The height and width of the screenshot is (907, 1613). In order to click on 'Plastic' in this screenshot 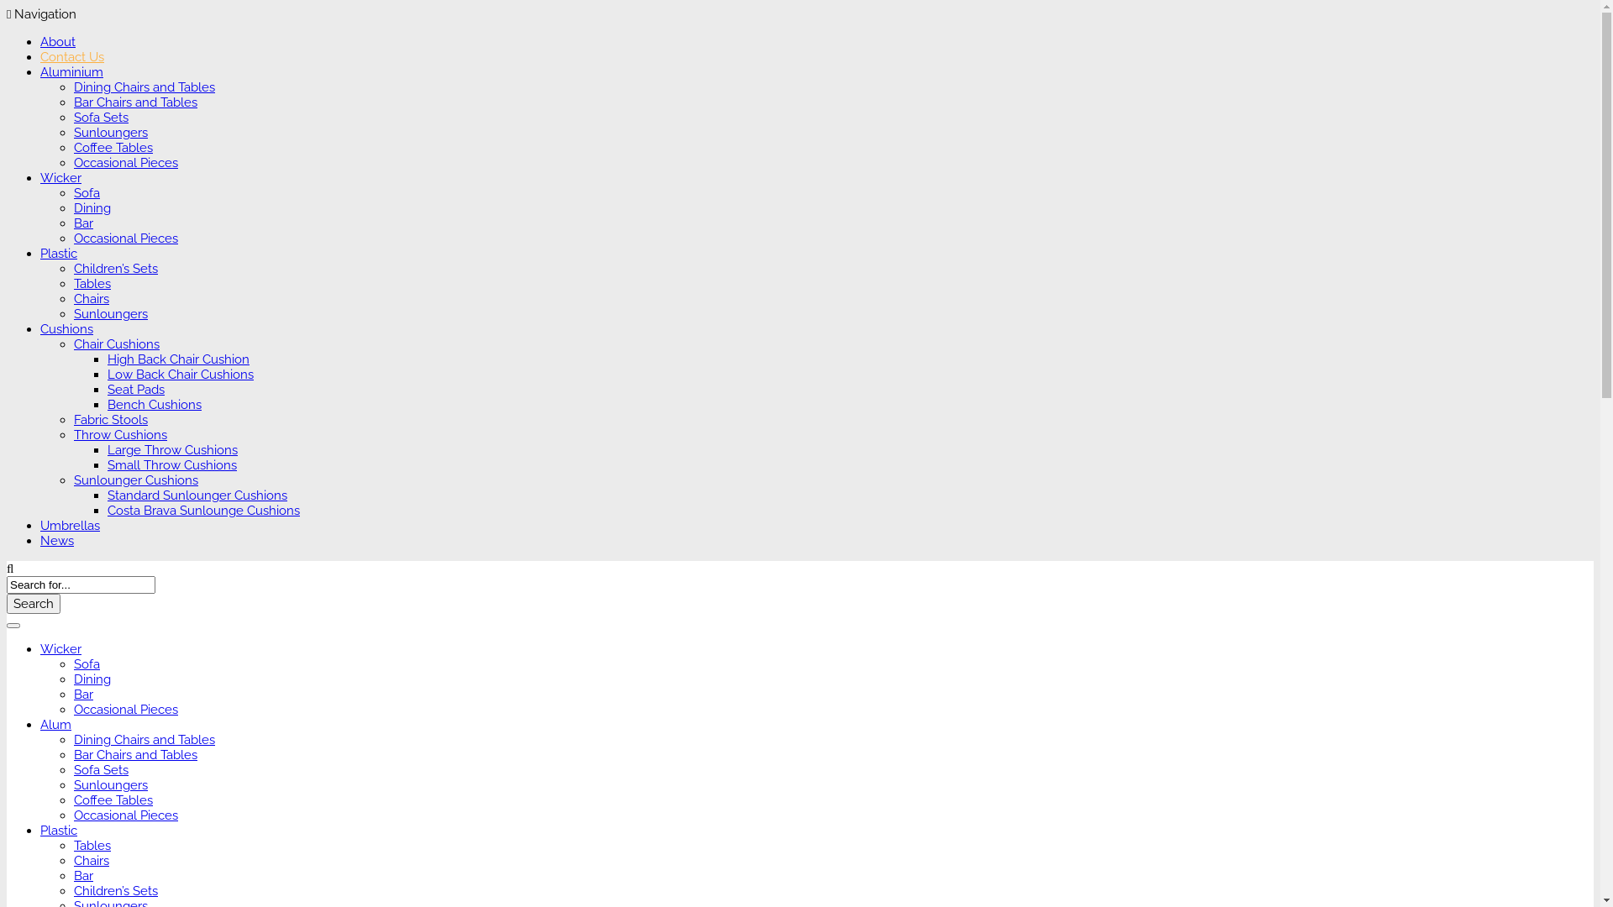, I will do `click(59, 253)`.